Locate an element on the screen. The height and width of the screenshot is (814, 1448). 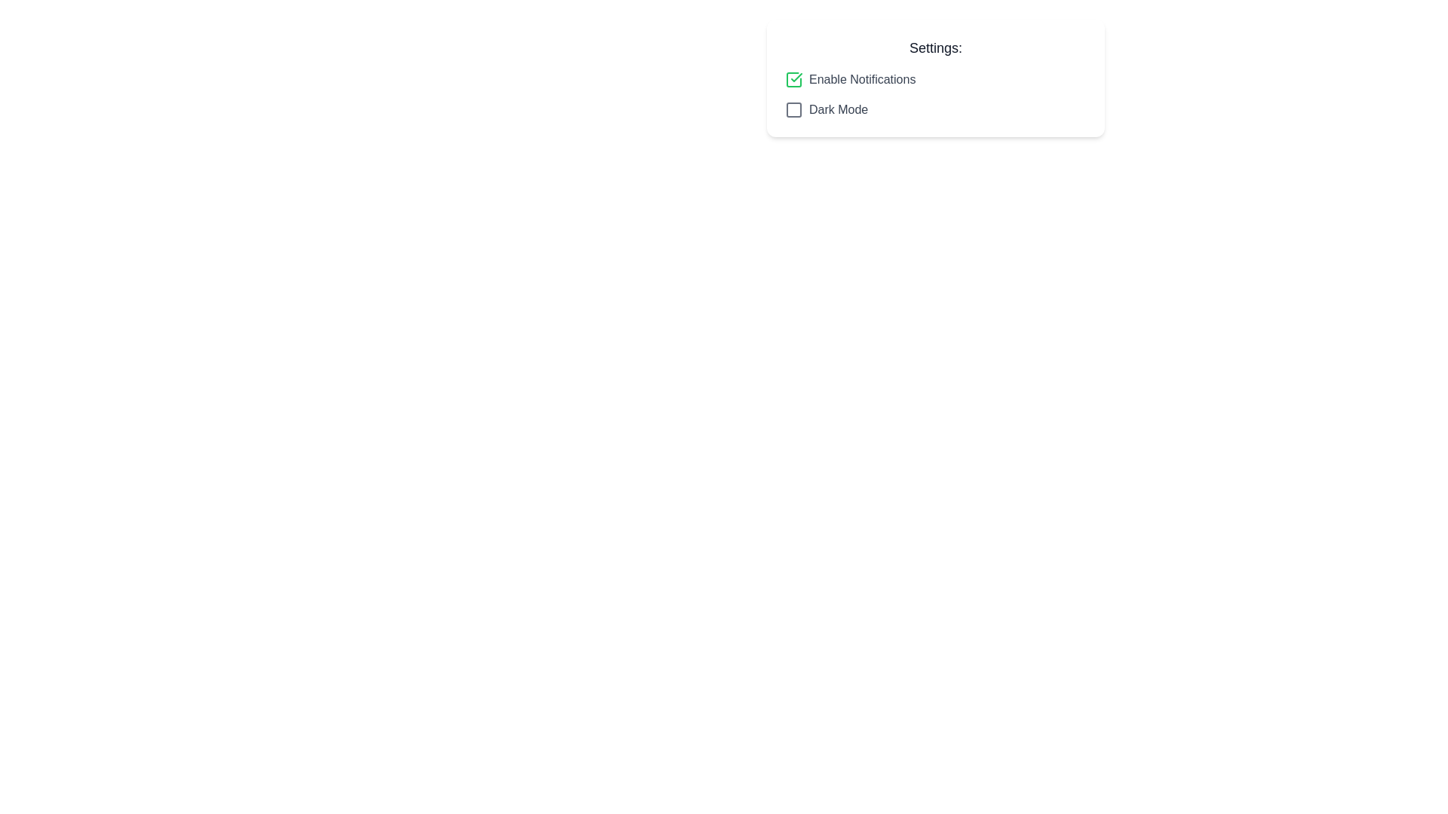
the text 'Enable Notifications' to interact with the label is located at coordinates (861, 79).